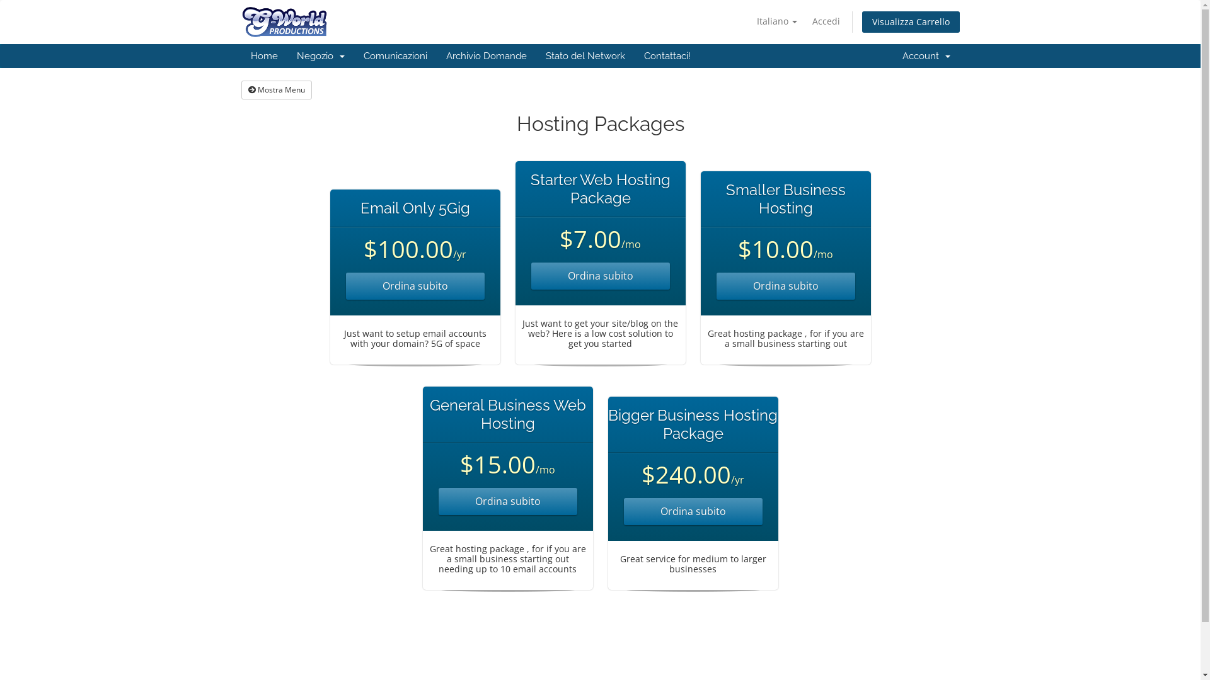  Describe the element at coordinates (485, 55) in the screenshot. I see `'Archivio Domande'` at that location.